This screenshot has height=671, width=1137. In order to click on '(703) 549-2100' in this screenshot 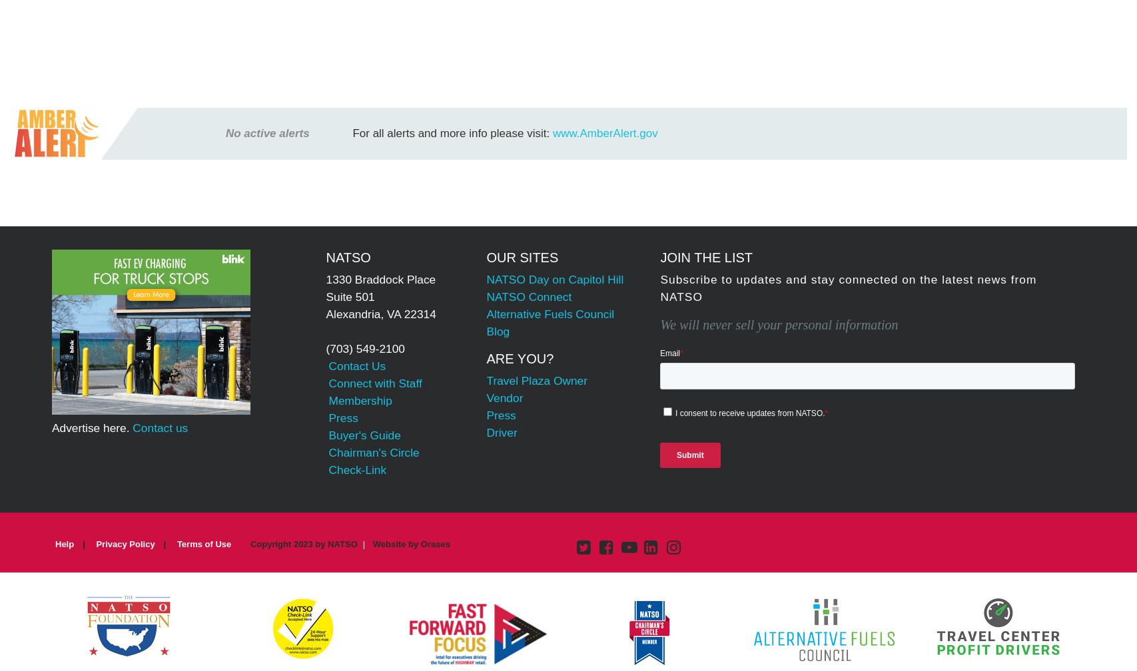, I will do `click(365, 347)`.